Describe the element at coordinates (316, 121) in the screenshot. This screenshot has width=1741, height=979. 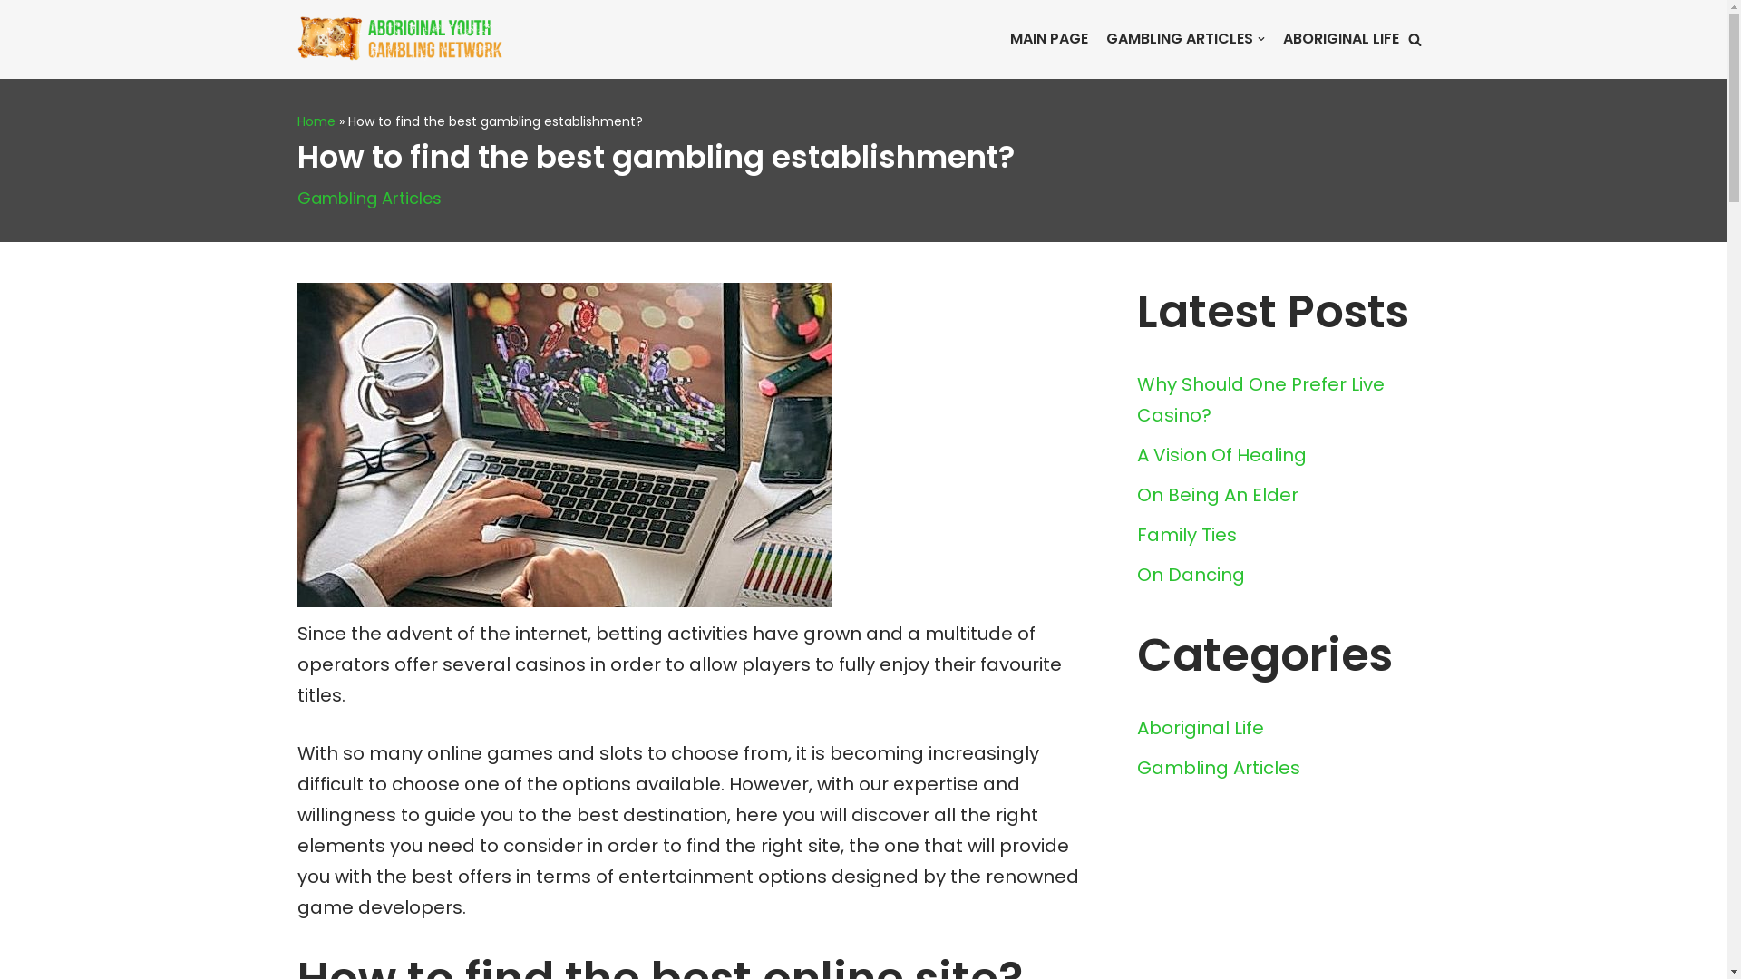
I see `'Home'` at that location.